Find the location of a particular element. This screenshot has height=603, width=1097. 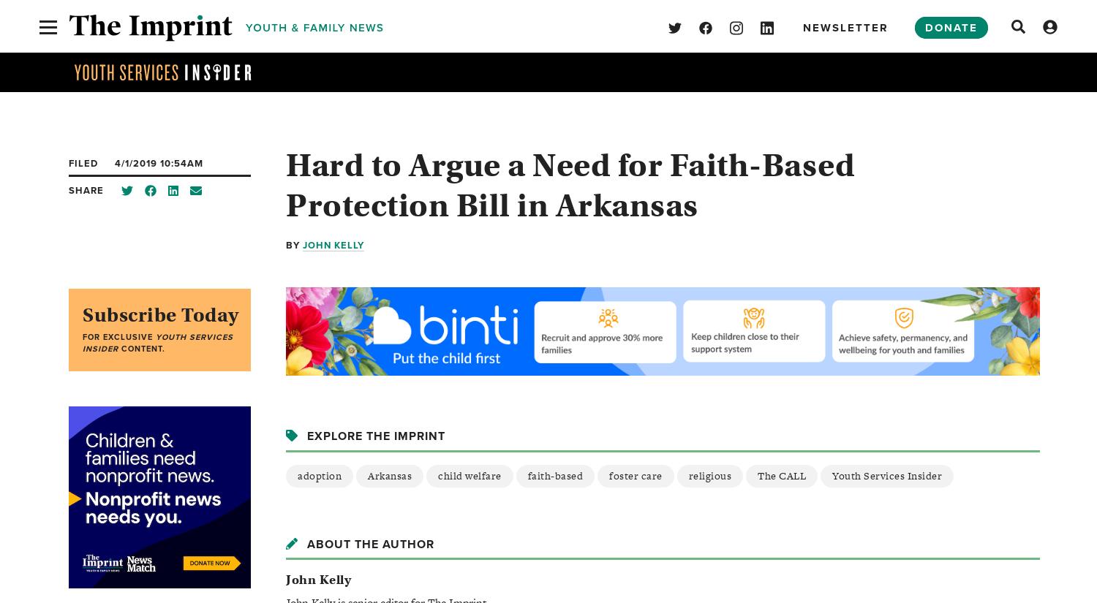

'Filed' is located at coordinates (83, 163).